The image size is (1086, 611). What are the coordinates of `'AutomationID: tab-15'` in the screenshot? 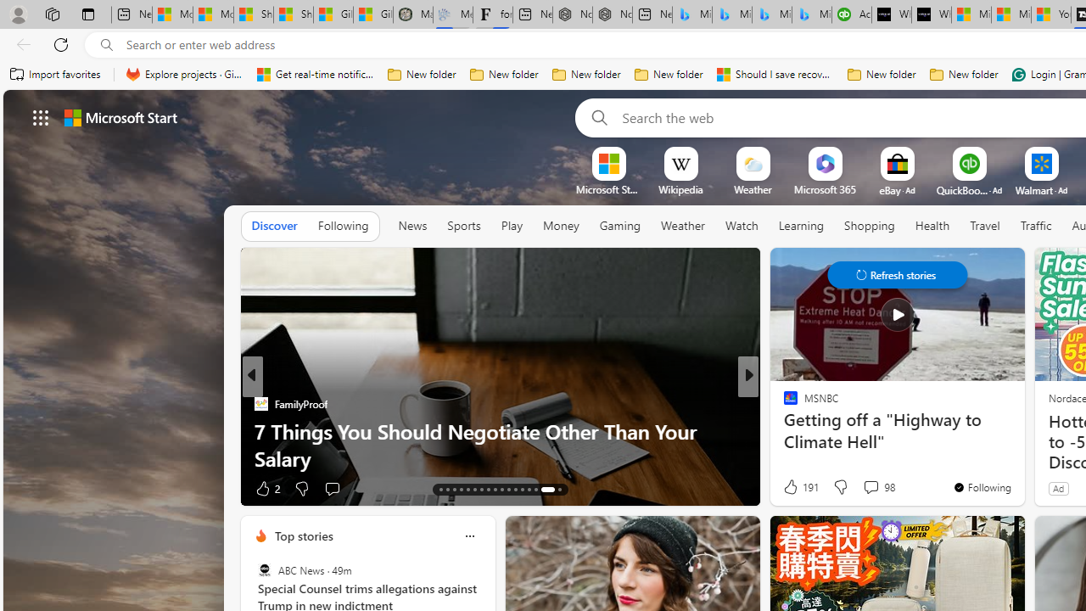 It's located at (454, 490).